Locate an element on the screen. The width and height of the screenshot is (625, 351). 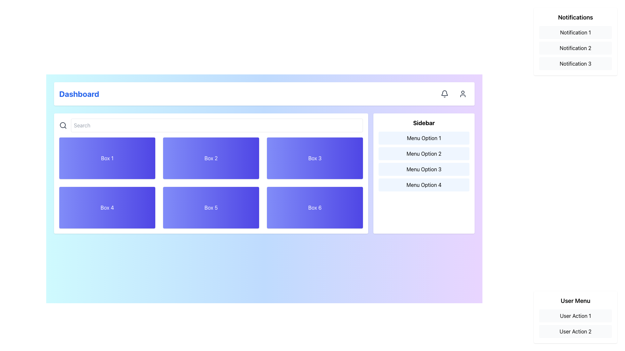
the static text item labeled 'Notification 2', which is a rectangular button-like component with a light gray background, positioned in the second place of a vertical list of notifications is located at coordinates (575, 47).